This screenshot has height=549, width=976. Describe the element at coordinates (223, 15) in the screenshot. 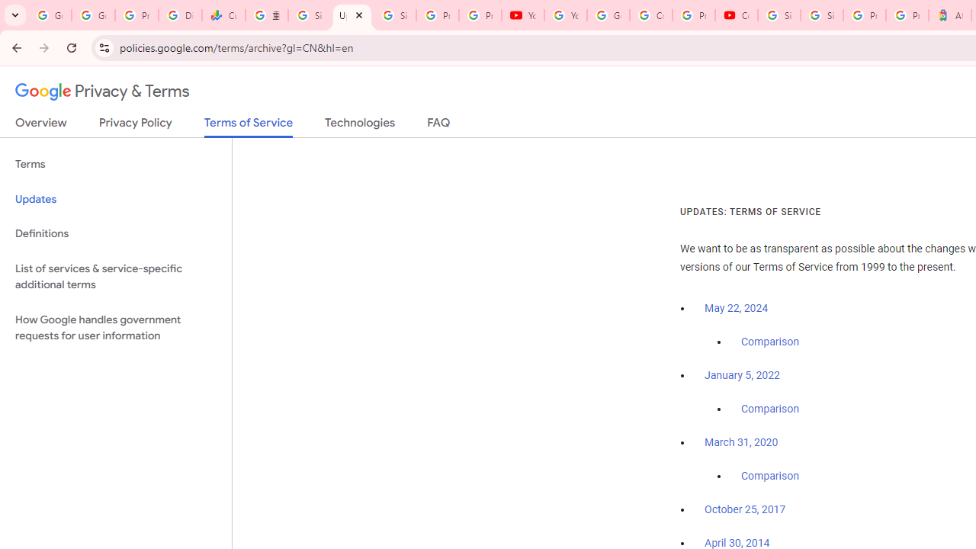

I see `'Currencies - Google Finance'` at that location.